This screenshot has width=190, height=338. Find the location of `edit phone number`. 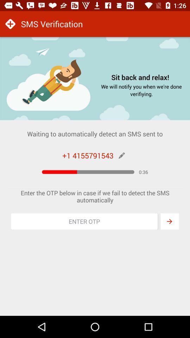

edit phone number is located at coordinates (121, 156).